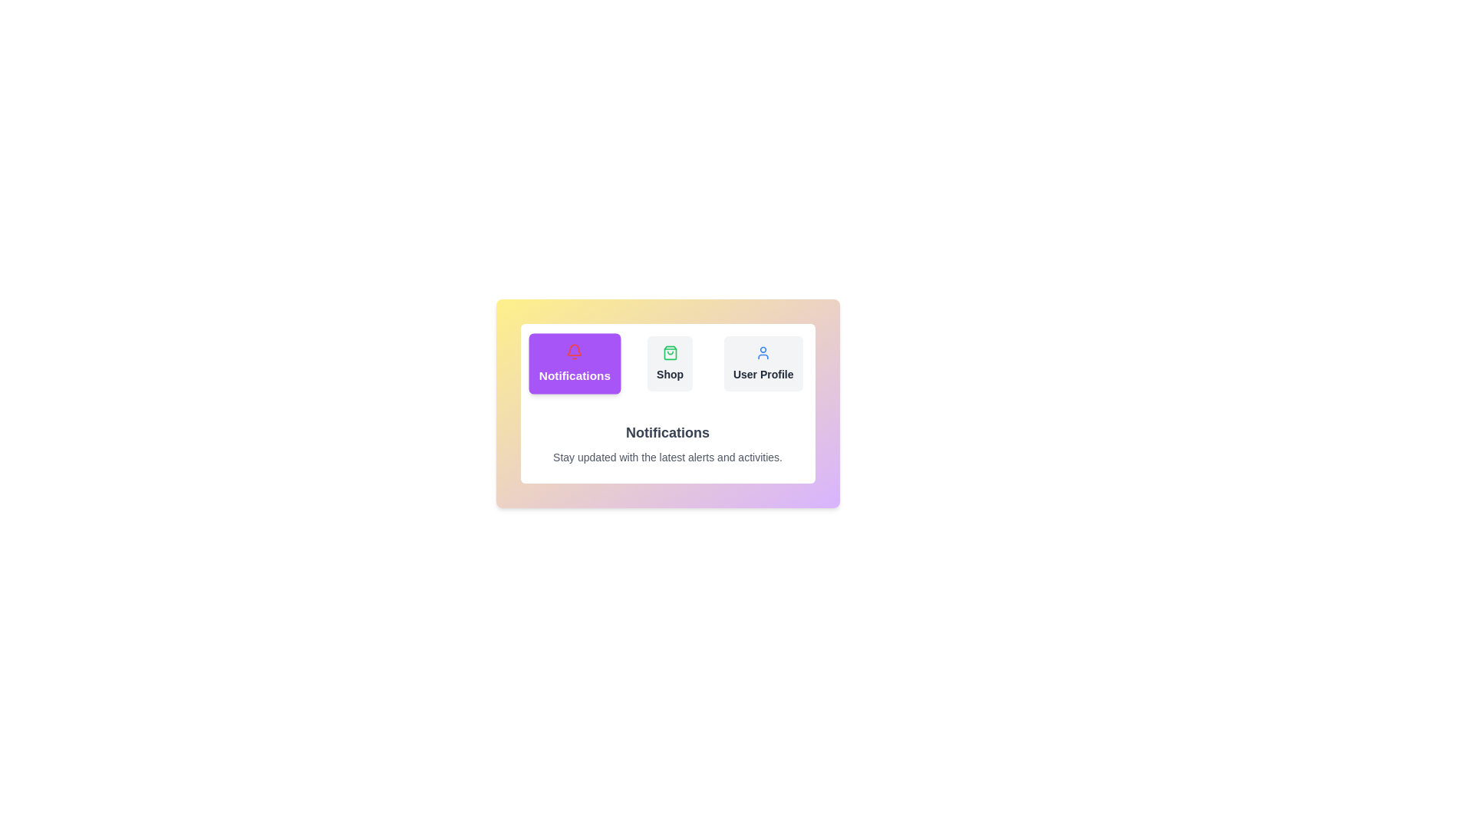 This screenshot has width=1473, height=829. I want to click on the tab labeled User Profile, so click(763, 364).